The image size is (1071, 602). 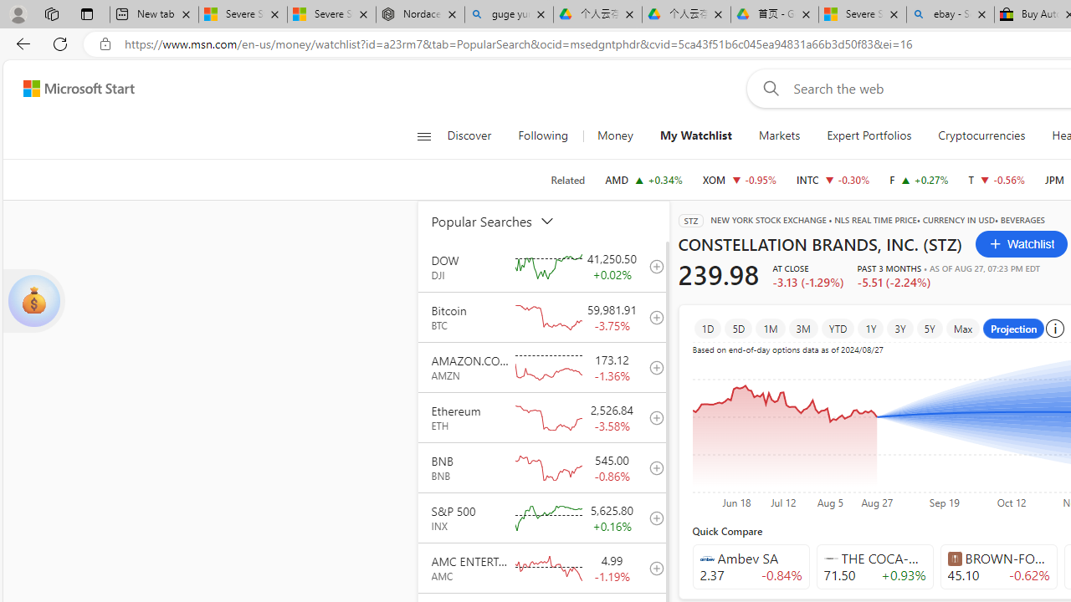 I want to click on '3Y', so click(x=899, y=328).